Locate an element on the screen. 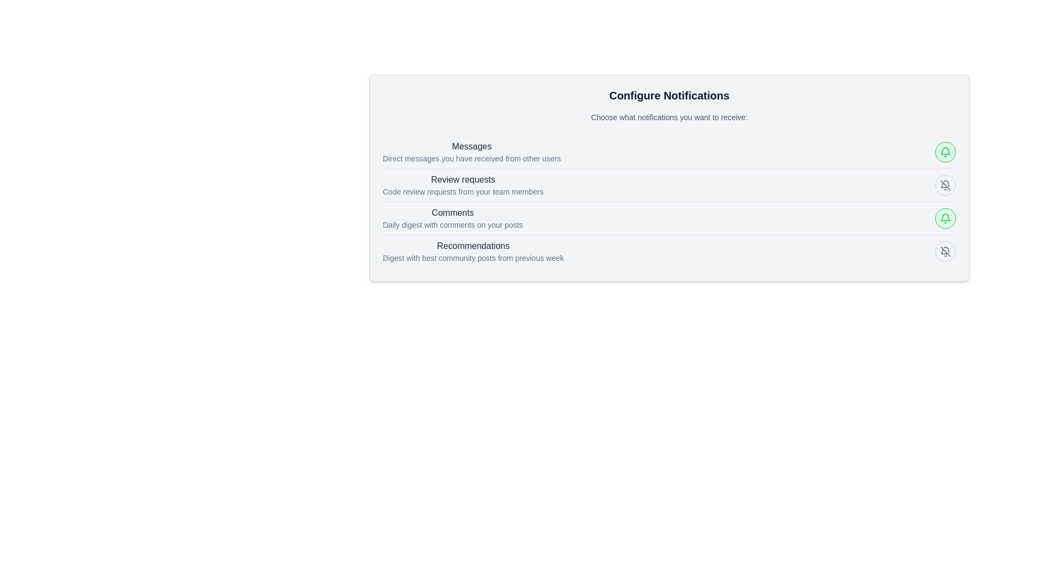 The width and height of the screenshot is (1044, 587). the toggleable notification Icon button for the 'Comments' category, located on the right side of the 'Comments' row in the 'Configure Notifications' panel is located at coordinates (944, 152).